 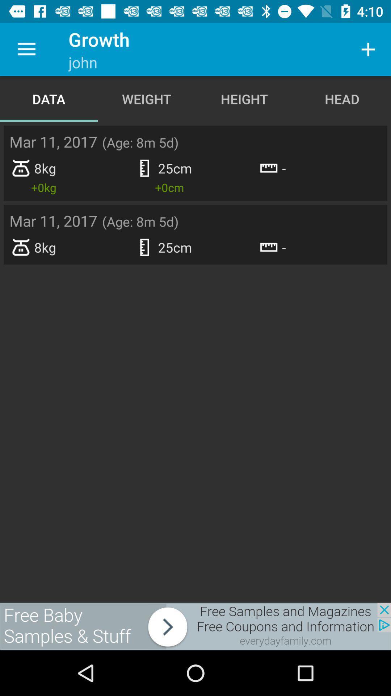 I want to click on advertisement image/link, so click(x=195, y=626).